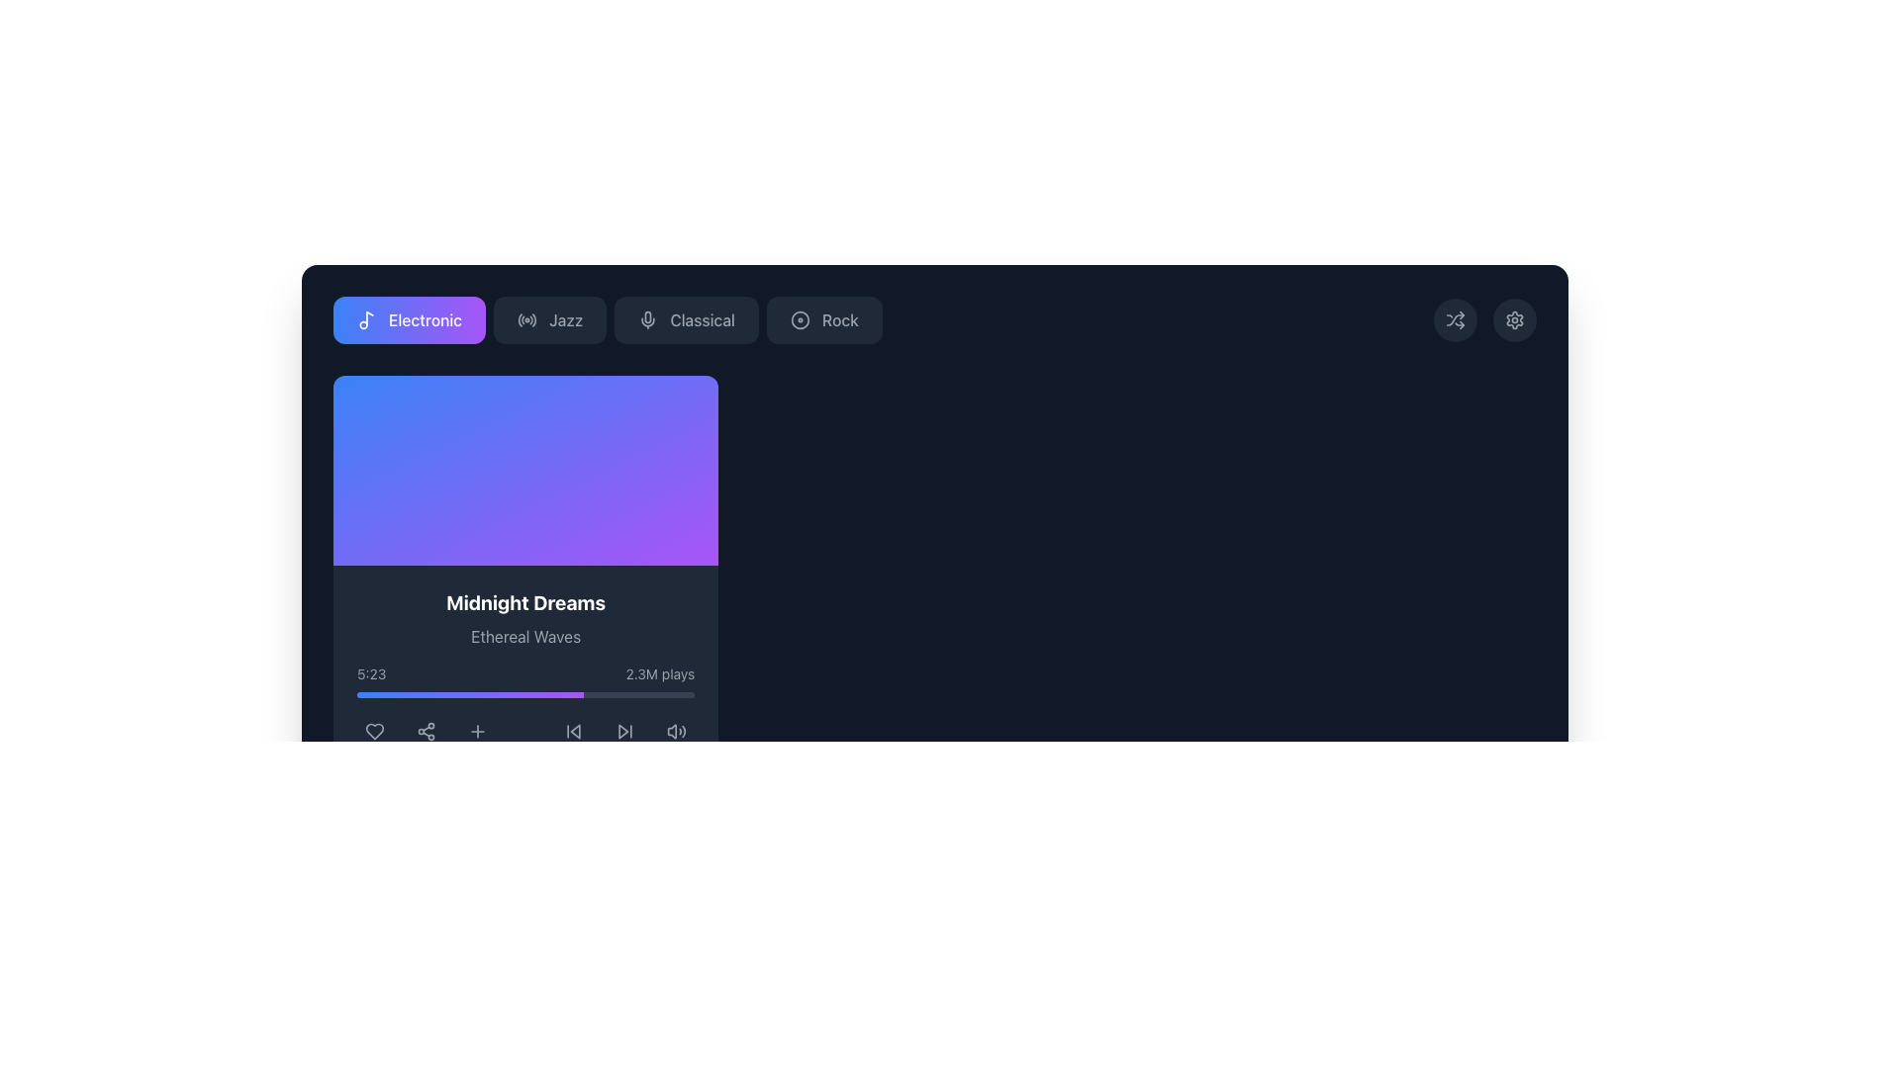 This screenshot has width=1900, height=1068. What do you see at coordinates (406, 693) in the screenshot?
I see `the slider value` at bounding box center [406, 693].